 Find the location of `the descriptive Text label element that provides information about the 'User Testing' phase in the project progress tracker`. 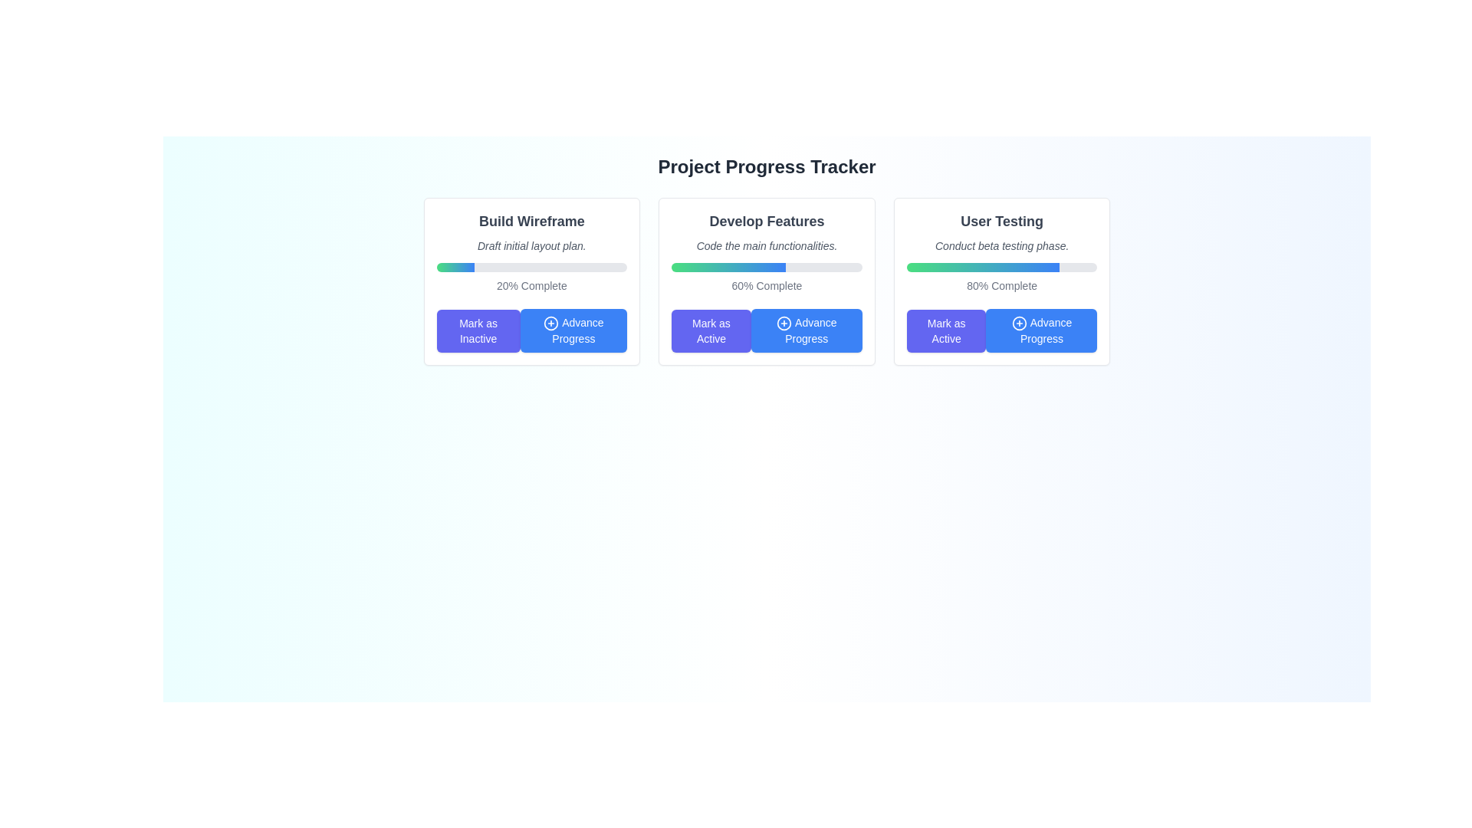

the descriptive Text label element that provides information about the 'User Testing' phase in the project progress tracker is located at coordinates (1002, 245).